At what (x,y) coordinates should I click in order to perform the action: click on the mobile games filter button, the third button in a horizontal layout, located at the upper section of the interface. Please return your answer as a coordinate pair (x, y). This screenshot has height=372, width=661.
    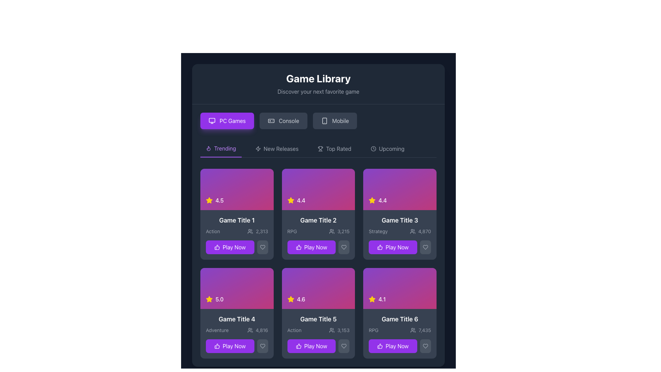
    Looking at the image, I should click on (335, 121).